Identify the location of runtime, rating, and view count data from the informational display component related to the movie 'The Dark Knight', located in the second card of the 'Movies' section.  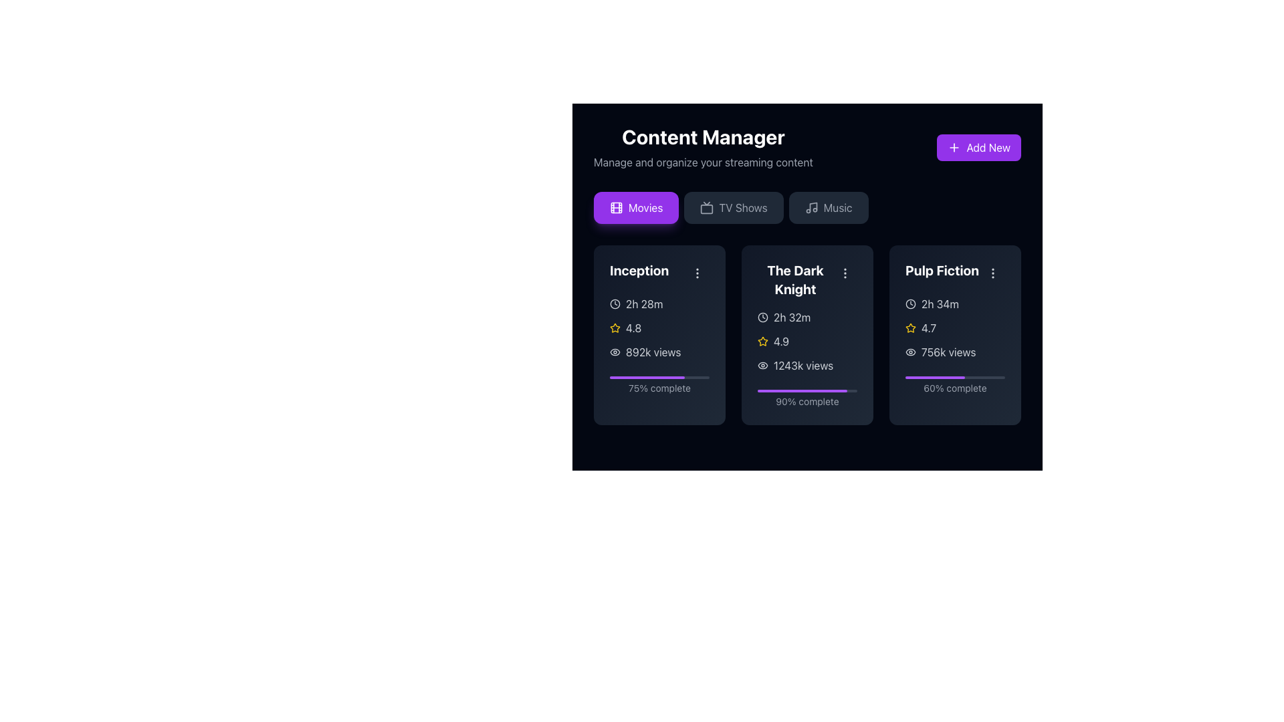
(807, 340).